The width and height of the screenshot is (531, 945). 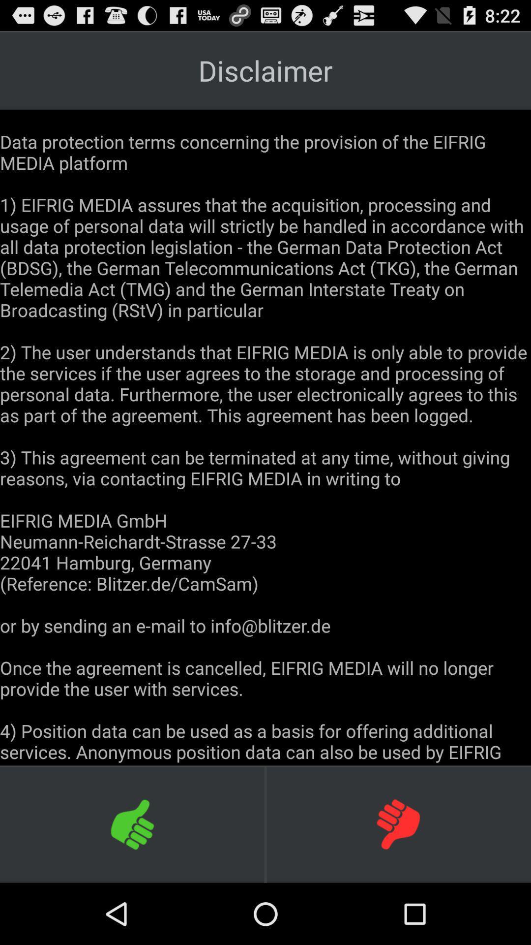 I want to click on the icon at the bottom left corner, so click(x=133, y=824).